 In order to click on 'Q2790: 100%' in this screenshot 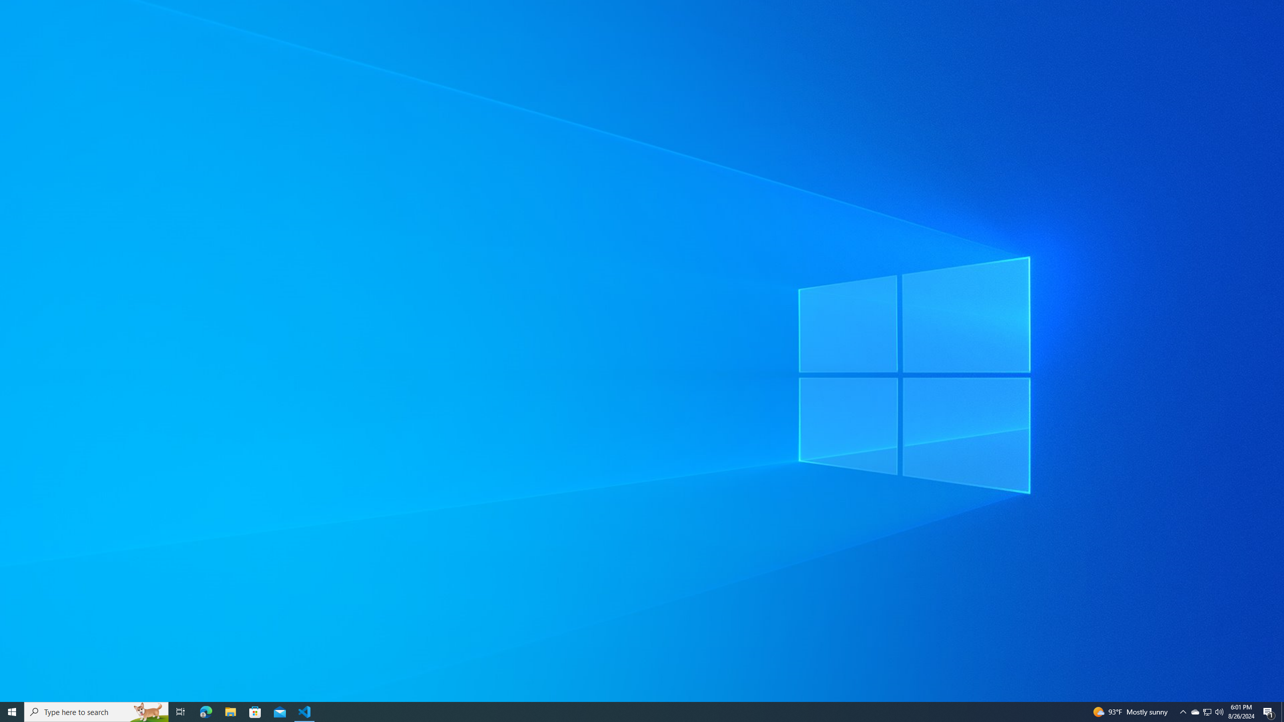, I will do `click(1218, 711)`.